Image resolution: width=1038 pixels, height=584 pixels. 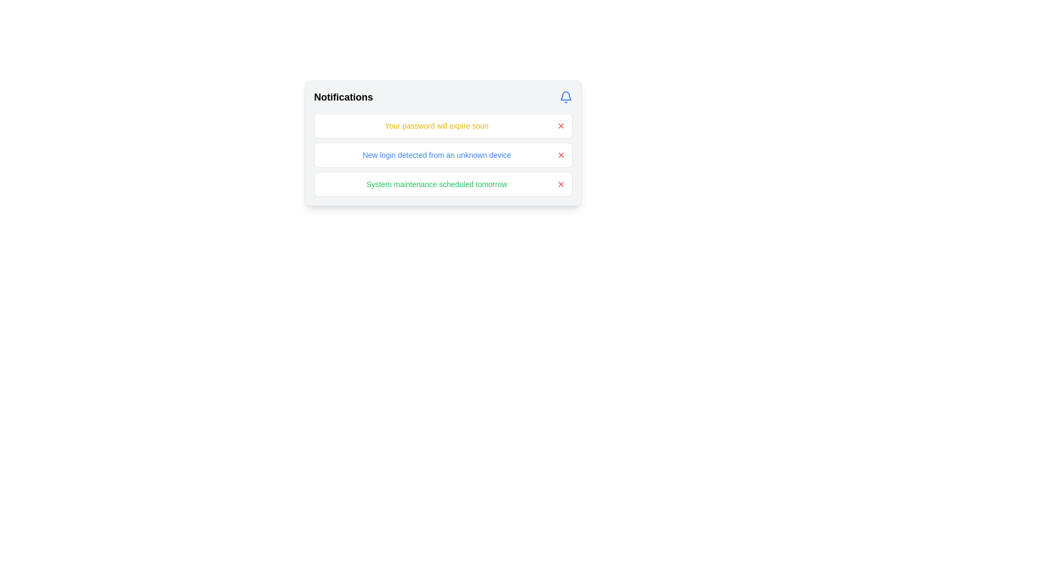 What do you see at coordinates (561, 155) in the screenshot?
I see `the dismiss button located on the far right of the second notification row in the vertical notification list` at bounding box center [561, 155].